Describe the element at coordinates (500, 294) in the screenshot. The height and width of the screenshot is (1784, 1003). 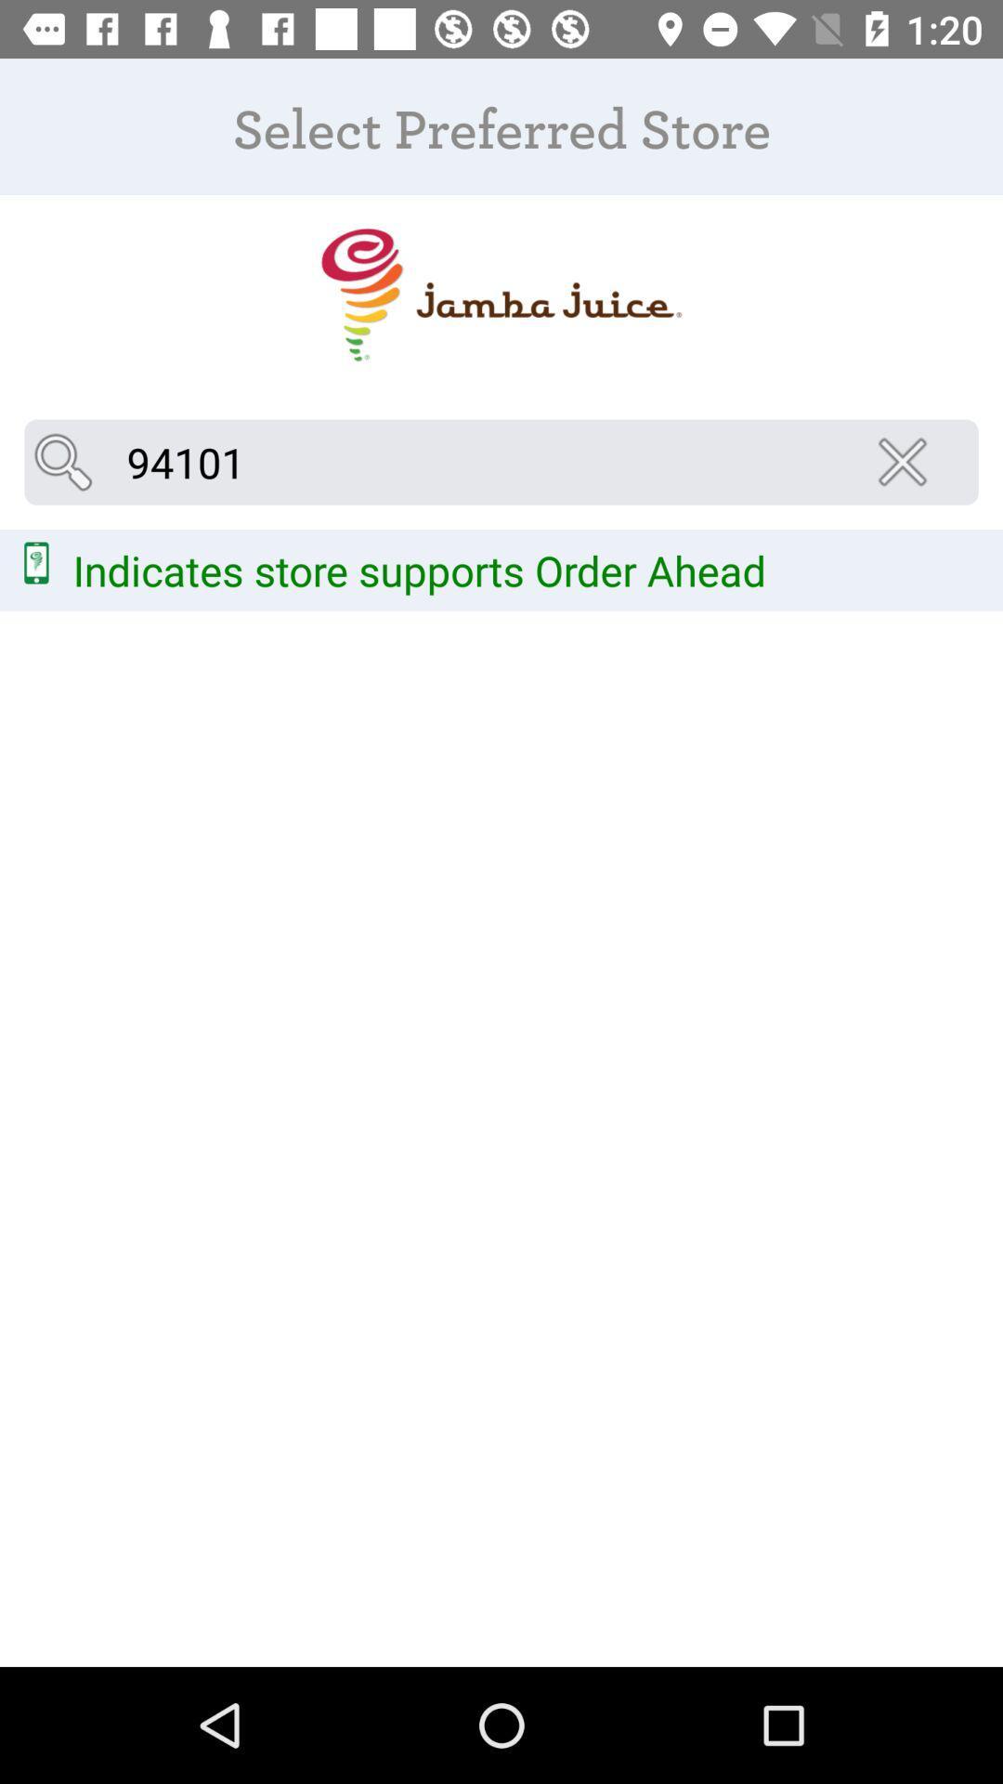
I see `item above 94101 icon` at that location.